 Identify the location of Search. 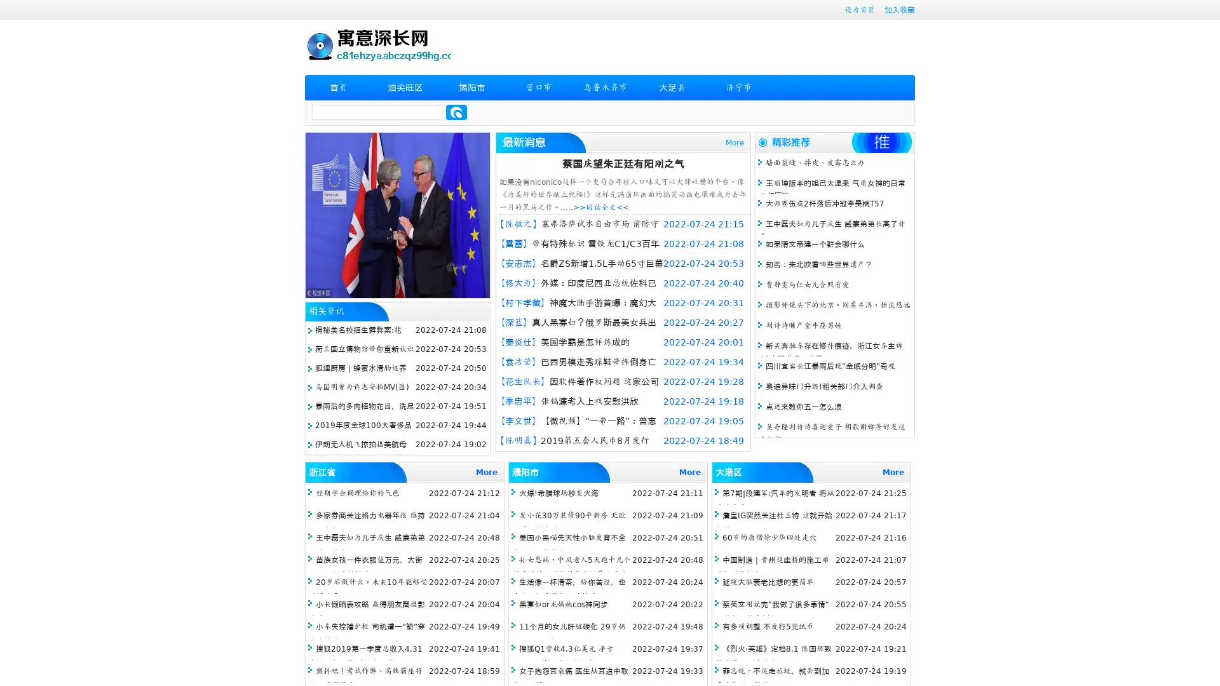
(456, 112).